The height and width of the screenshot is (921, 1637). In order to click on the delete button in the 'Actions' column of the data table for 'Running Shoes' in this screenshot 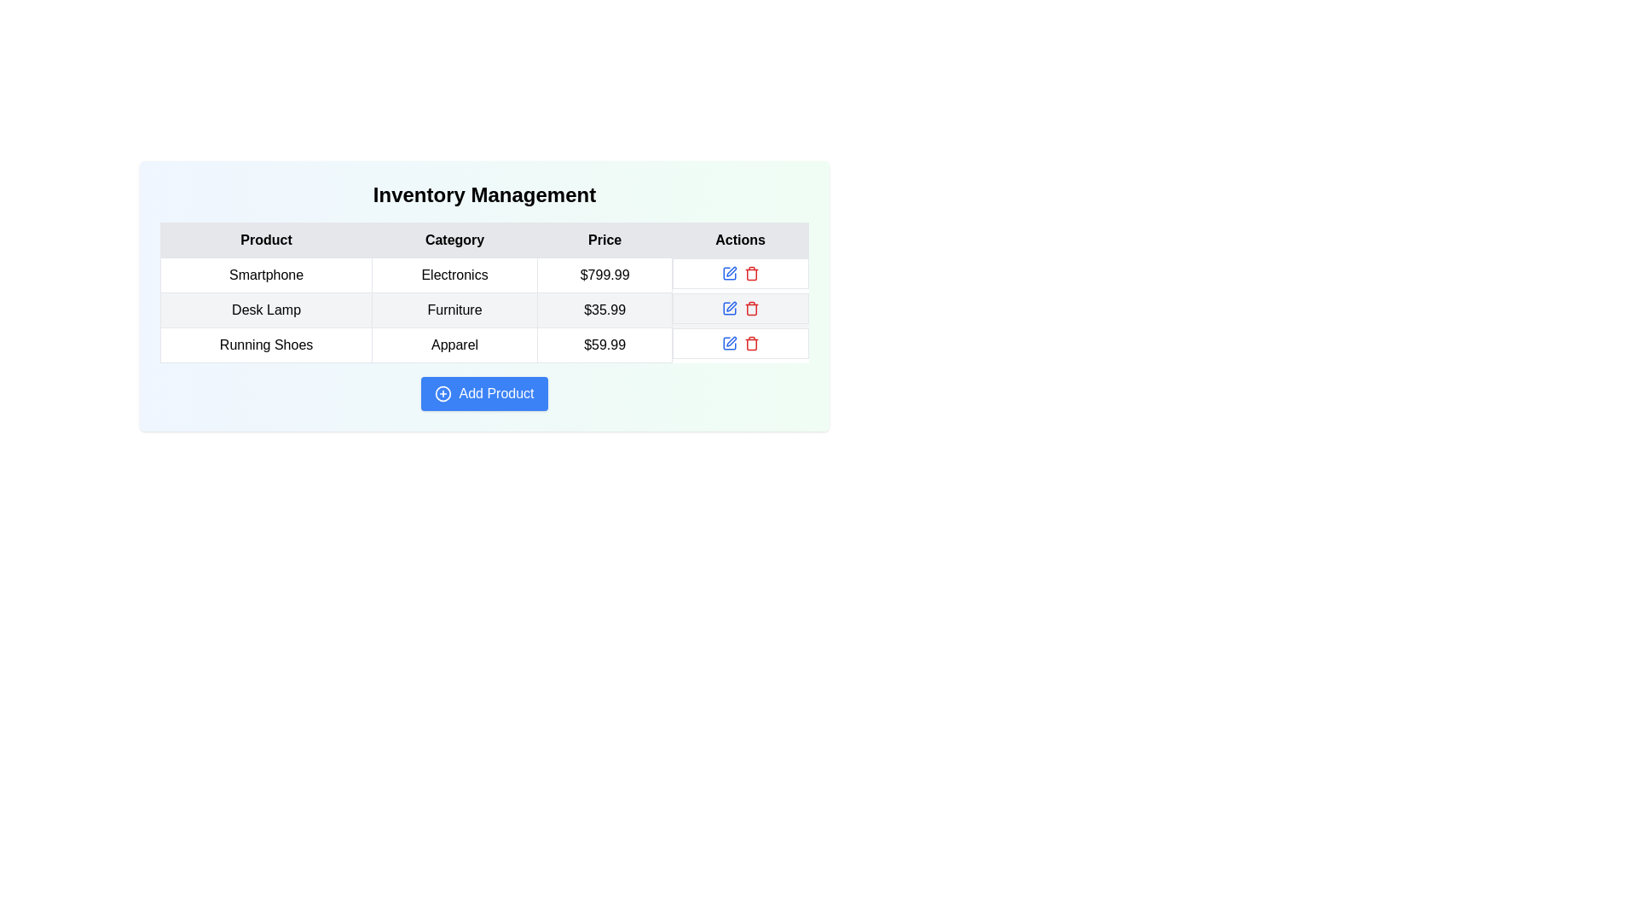, I will do `click(750, 343)`.